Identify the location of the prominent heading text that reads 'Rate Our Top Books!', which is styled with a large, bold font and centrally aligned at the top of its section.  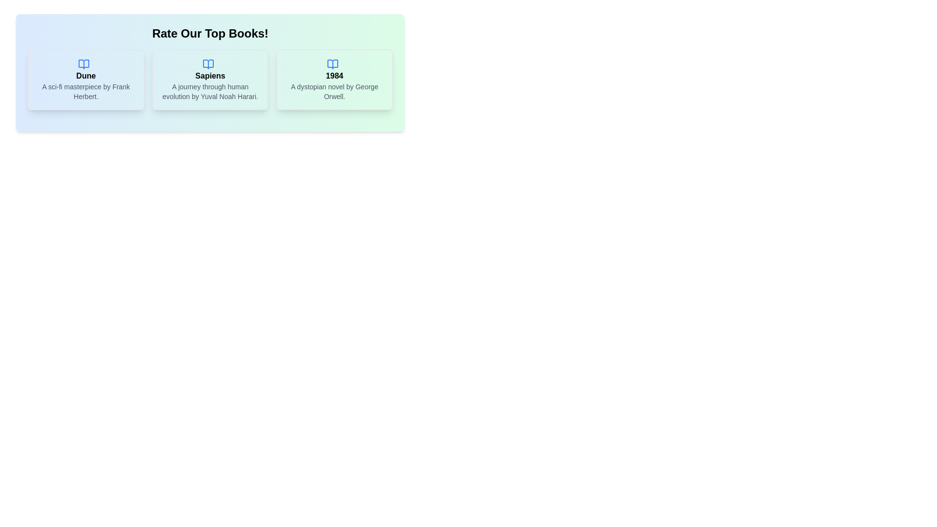
(210, 33).